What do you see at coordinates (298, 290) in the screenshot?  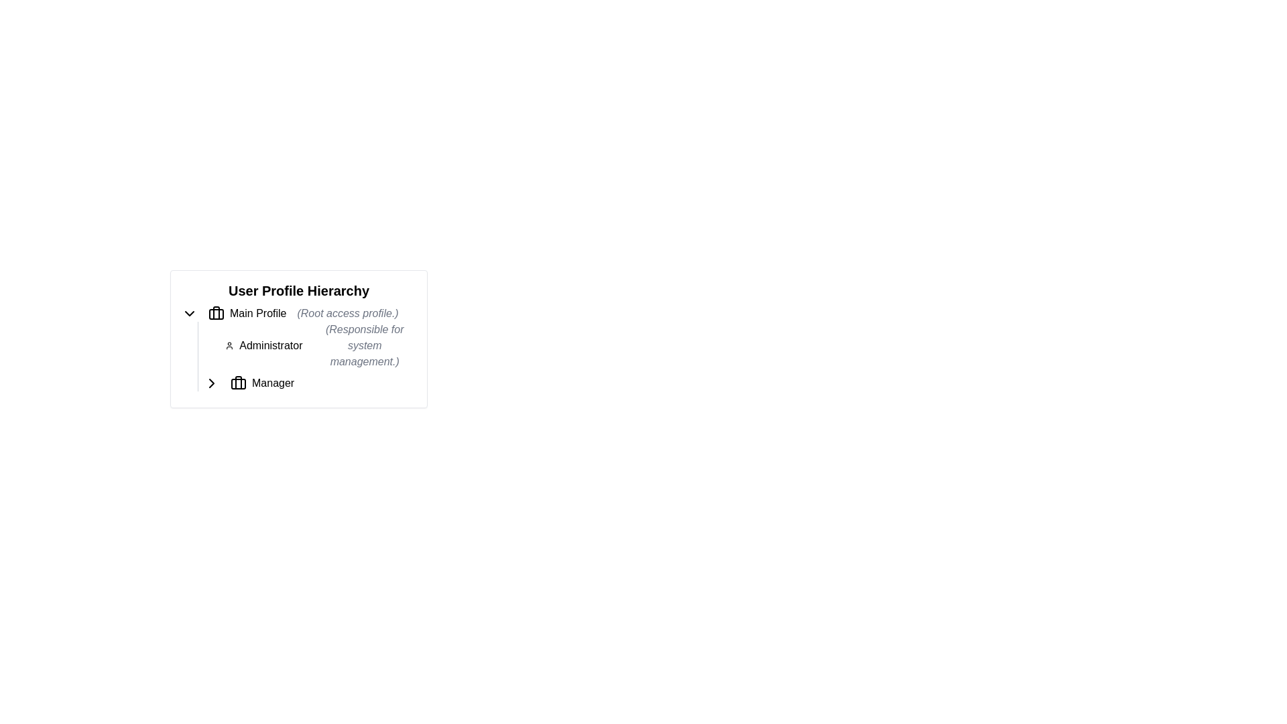 I see `the context of the section` at bounding box center [298, 290].